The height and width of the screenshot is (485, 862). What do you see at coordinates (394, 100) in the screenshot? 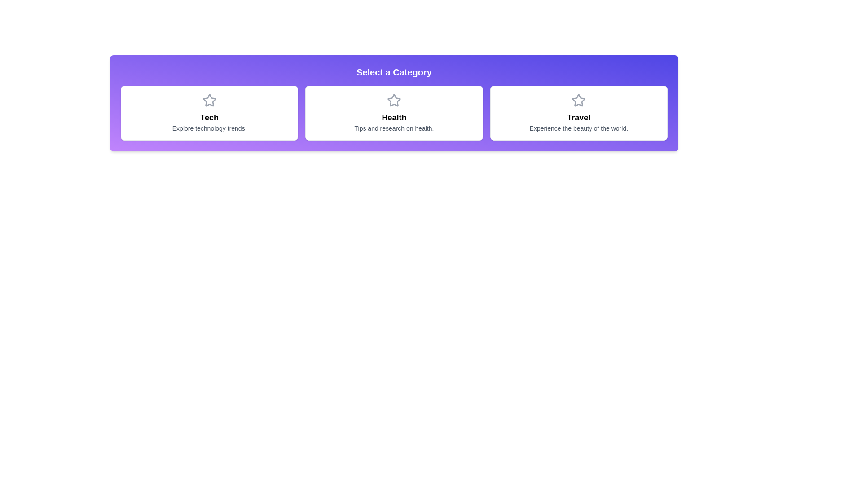
I see `the second star-shaped outline icon in the Health category` at bounding box center [394, 100].